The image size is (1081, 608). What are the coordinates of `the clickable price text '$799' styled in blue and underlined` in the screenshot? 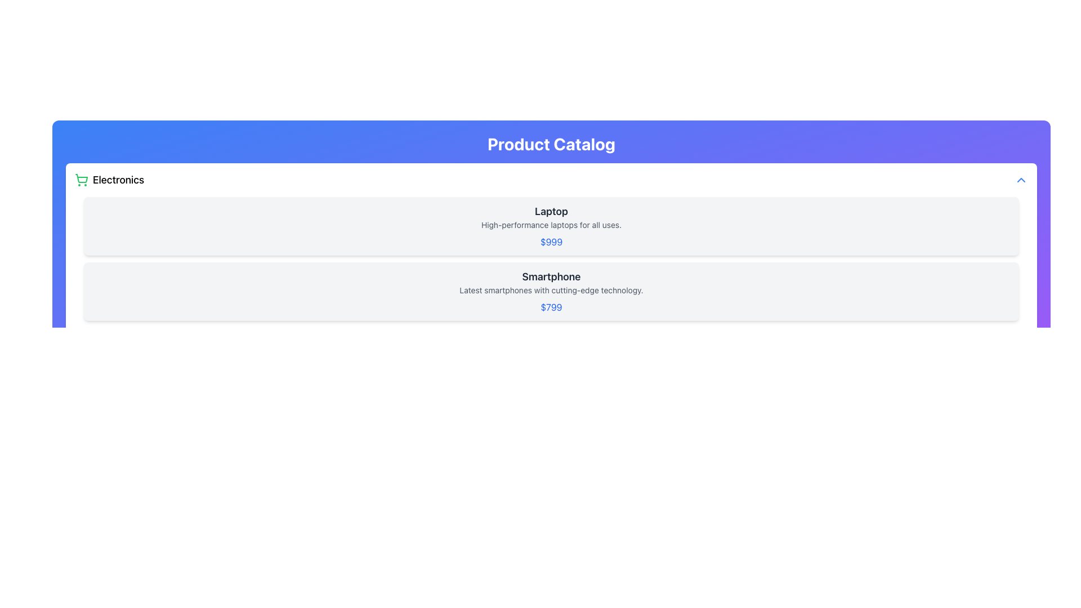 It's located at (551, 307).